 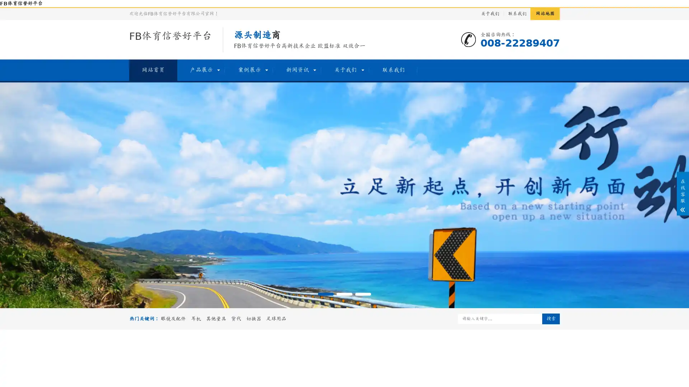 What do you see at coordinates (363, 294) in the screenshot?
I see `Go to slide 3` at bounding box center [363, 294].